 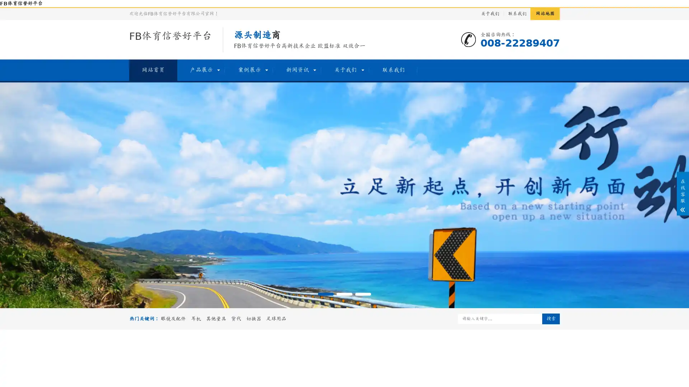 What do you see at coordinates (363, 294) in the screenshot?
I see `Go to slide 3` at bounding box center [363, 294].